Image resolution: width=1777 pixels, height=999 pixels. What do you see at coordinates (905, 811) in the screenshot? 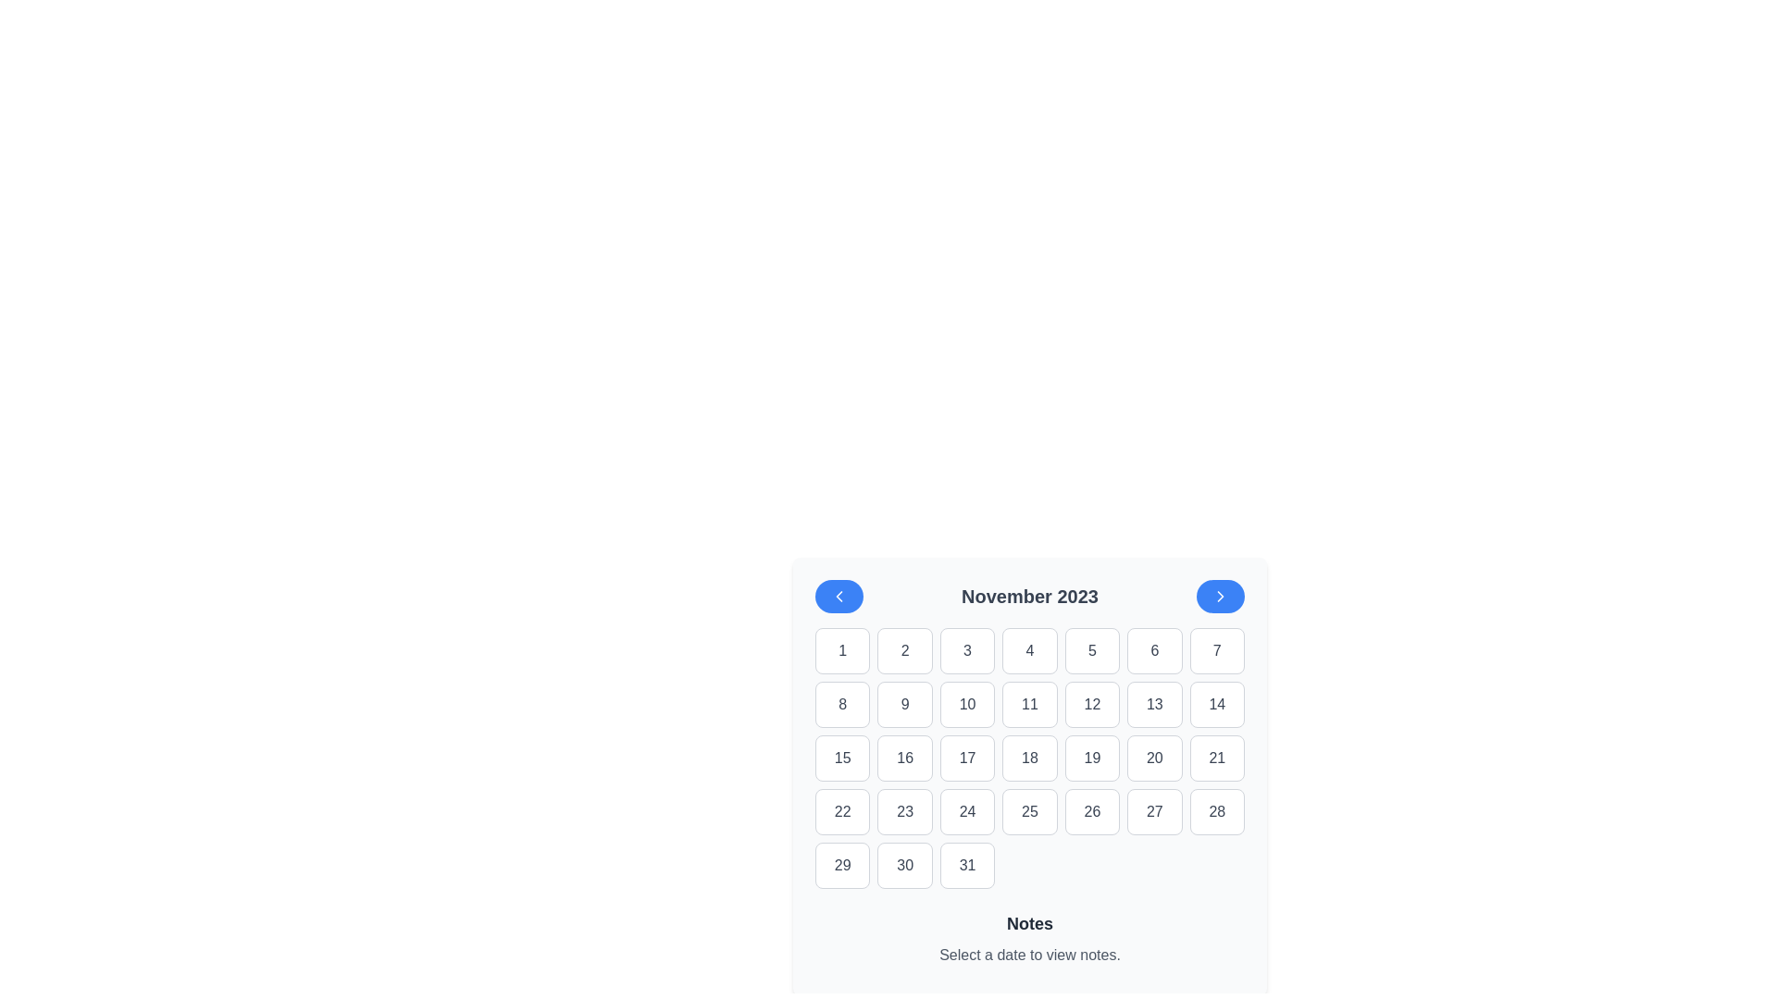
I see `the calendar date selector button for the 23rd day located in the fourth row, second column of the grid` at bounding box center [905, 811].